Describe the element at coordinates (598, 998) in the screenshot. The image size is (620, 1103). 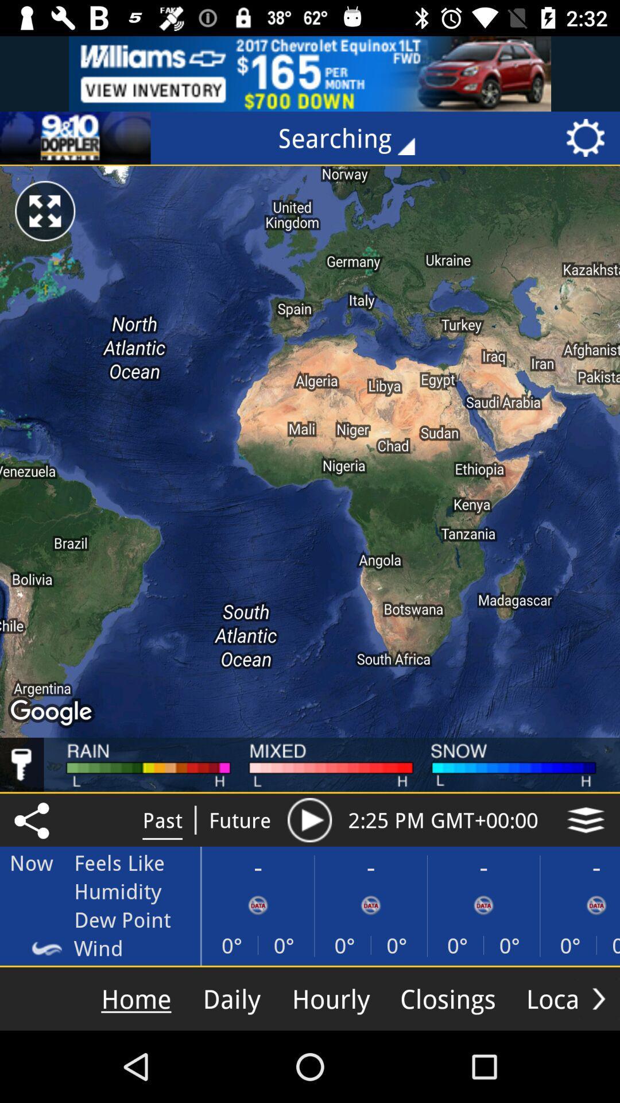
I see `the arrow_forward icon` at that location.